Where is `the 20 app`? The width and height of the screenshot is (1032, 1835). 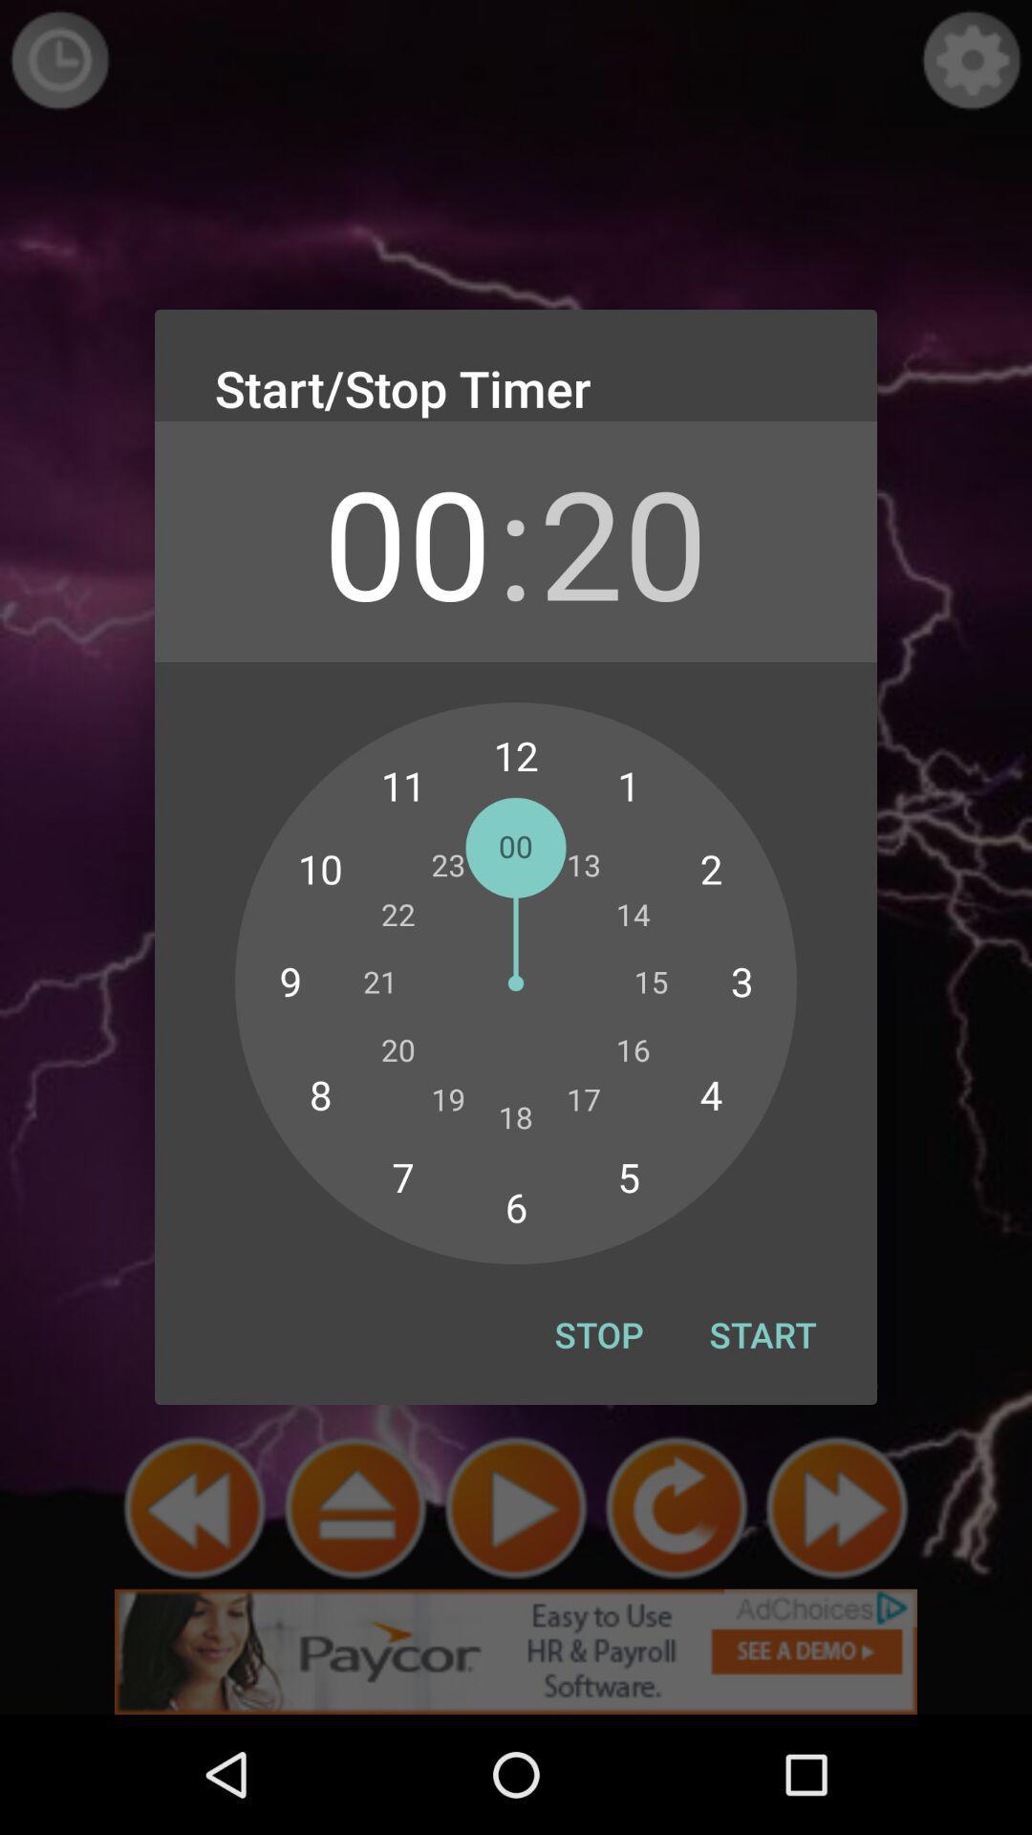 the 20 app is located at coordinates (623, 540).